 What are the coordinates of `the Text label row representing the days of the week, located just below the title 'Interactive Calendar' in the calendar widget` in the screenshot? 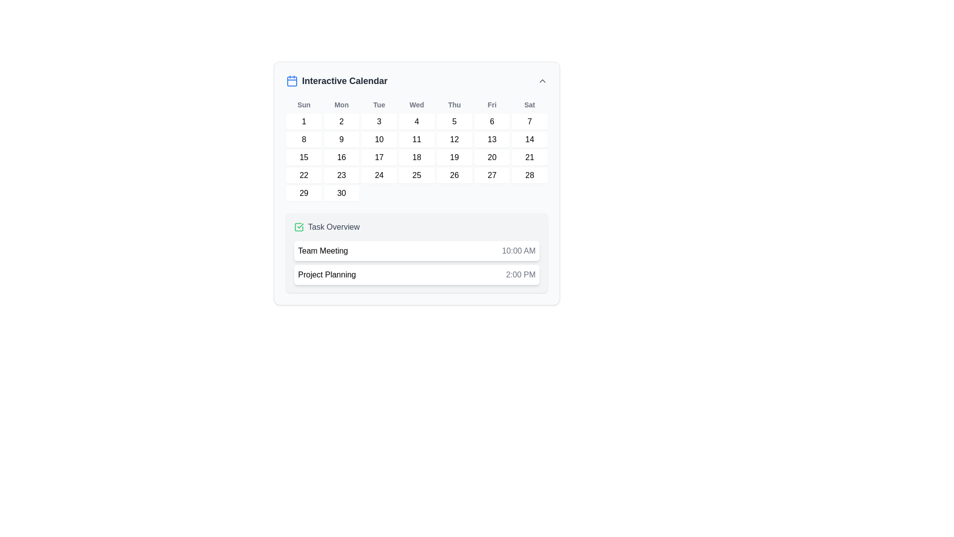 It's located at (417, 105).